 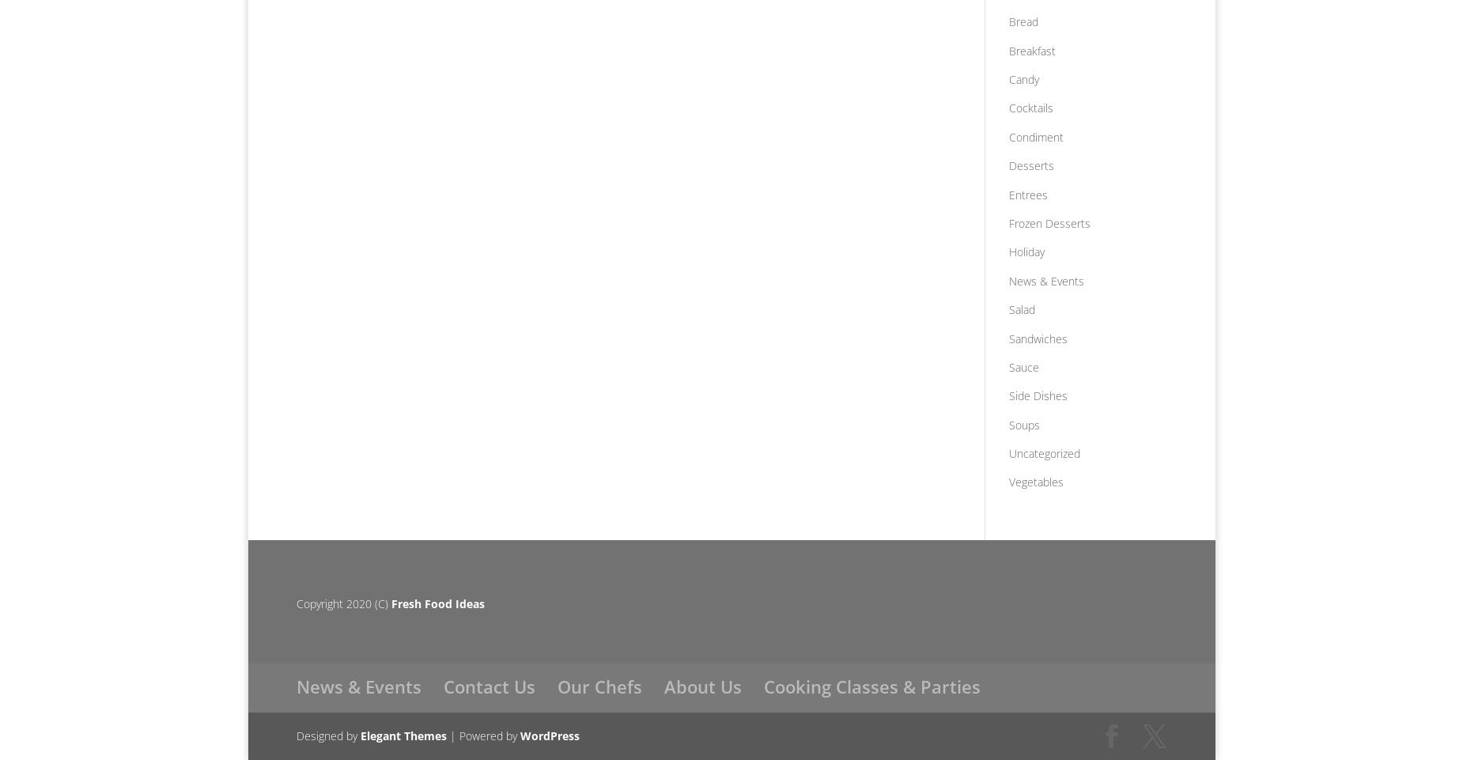 I want to click on 'Contact Us', so click(x=489, y=685).